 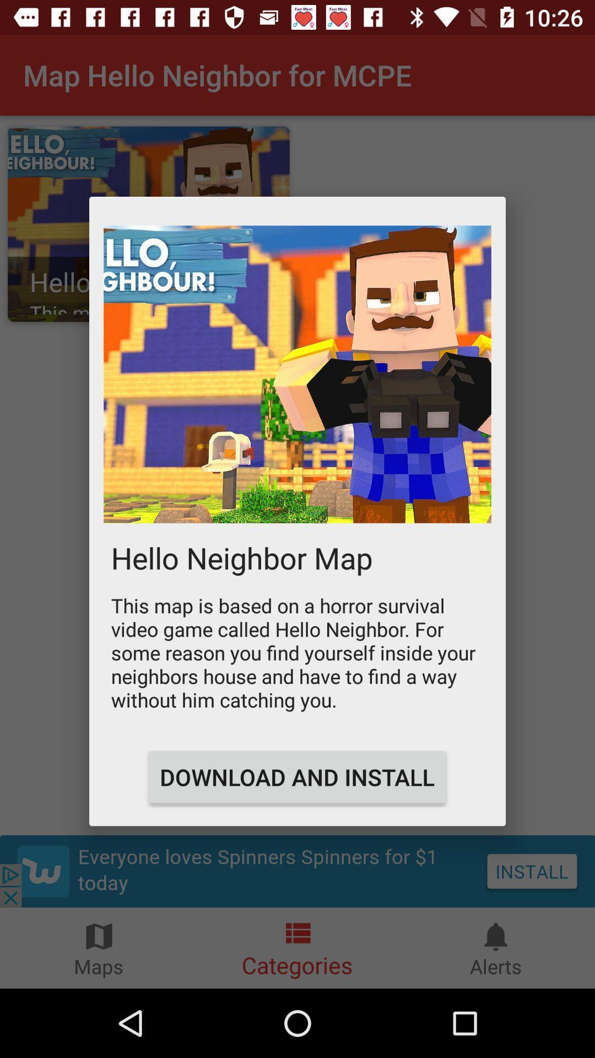 What do you see at coordinates (296, 776) in the screenshot?
I see `the item below the this map is` at bounding box center [296, 776].